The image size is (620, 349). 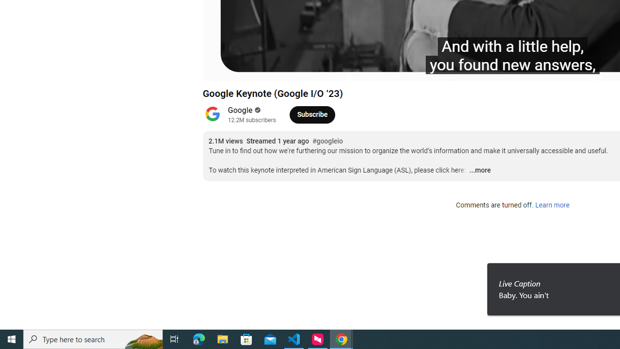 What do you see at coordinates (312, 114) in the screenshot?
I see `'Subscribe to Google.'` at bounding box center [312, 114].